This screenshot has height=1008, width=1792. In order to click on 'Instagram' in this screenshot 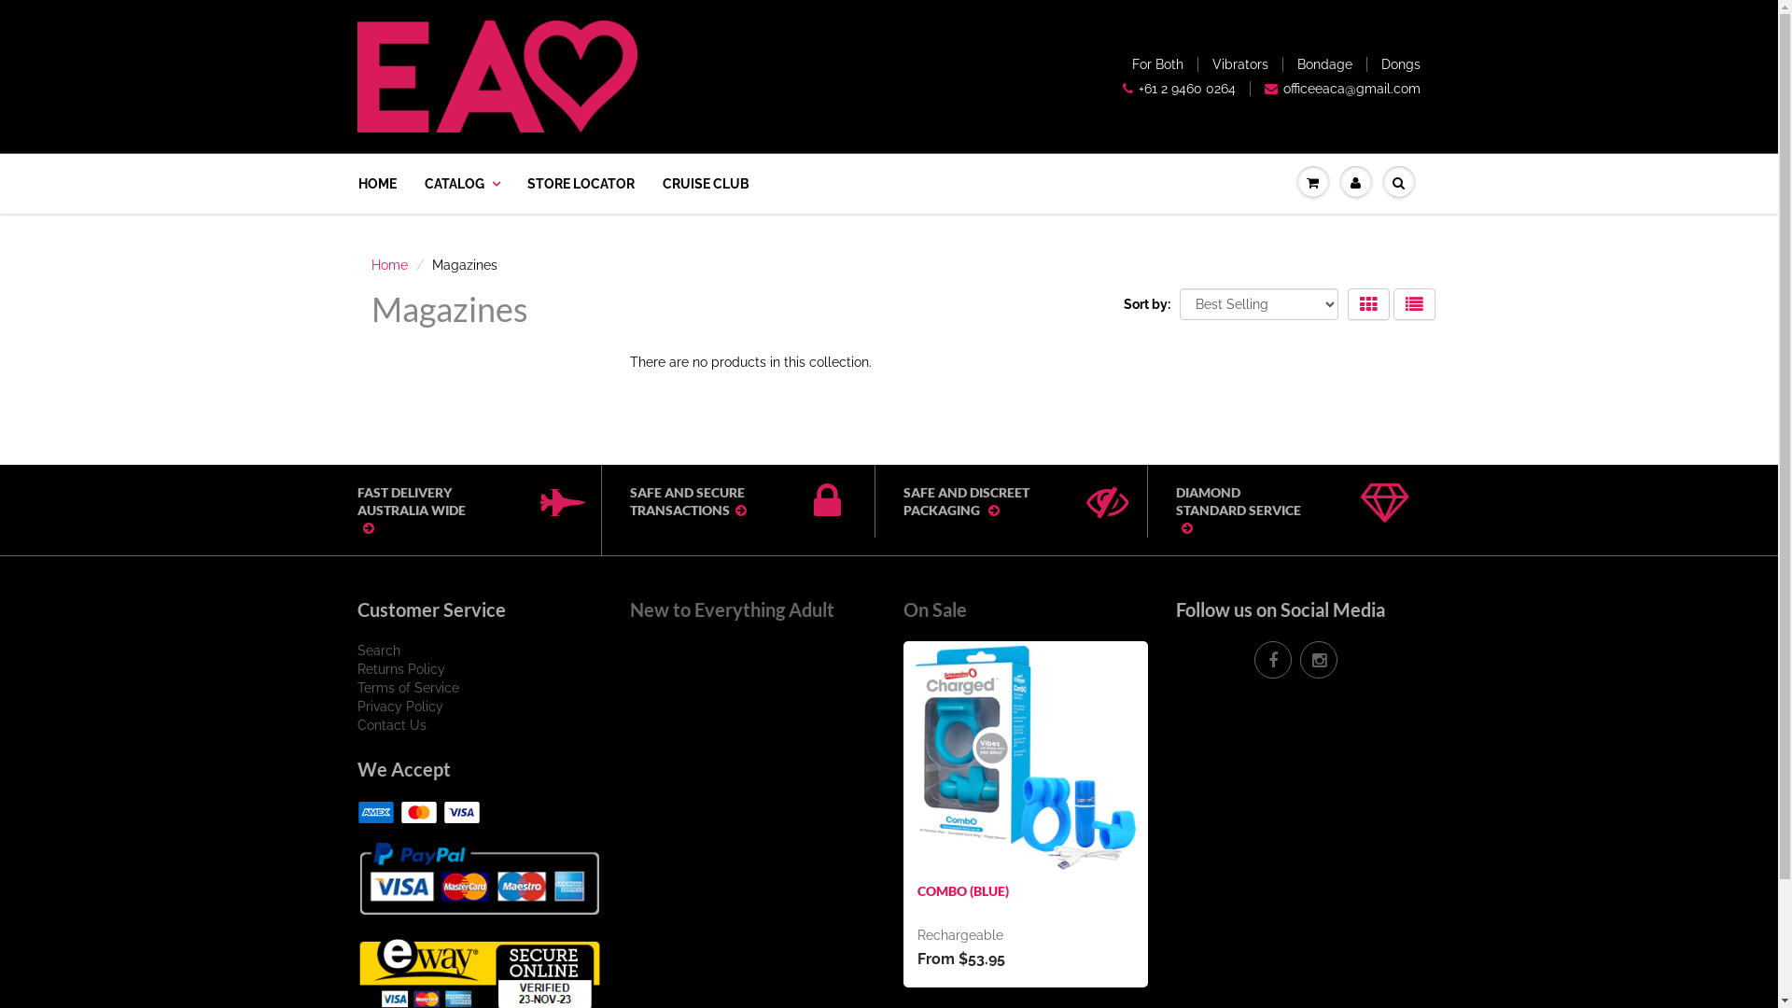, I will do `click(1317, 658)`.